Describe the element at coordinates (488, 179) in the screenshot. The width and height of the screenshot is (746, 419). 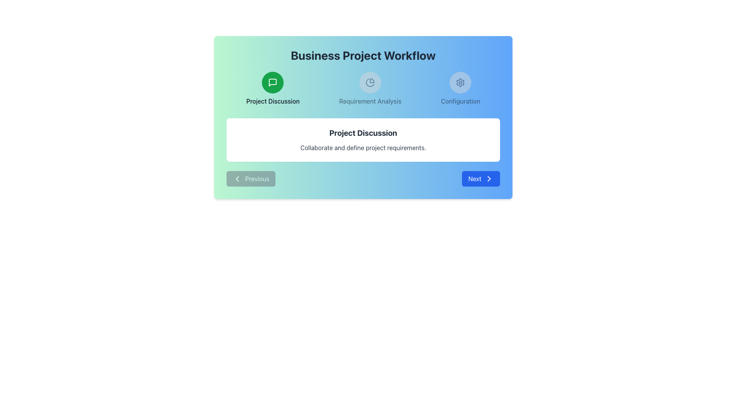
I see `the 'Next' button` at that location.